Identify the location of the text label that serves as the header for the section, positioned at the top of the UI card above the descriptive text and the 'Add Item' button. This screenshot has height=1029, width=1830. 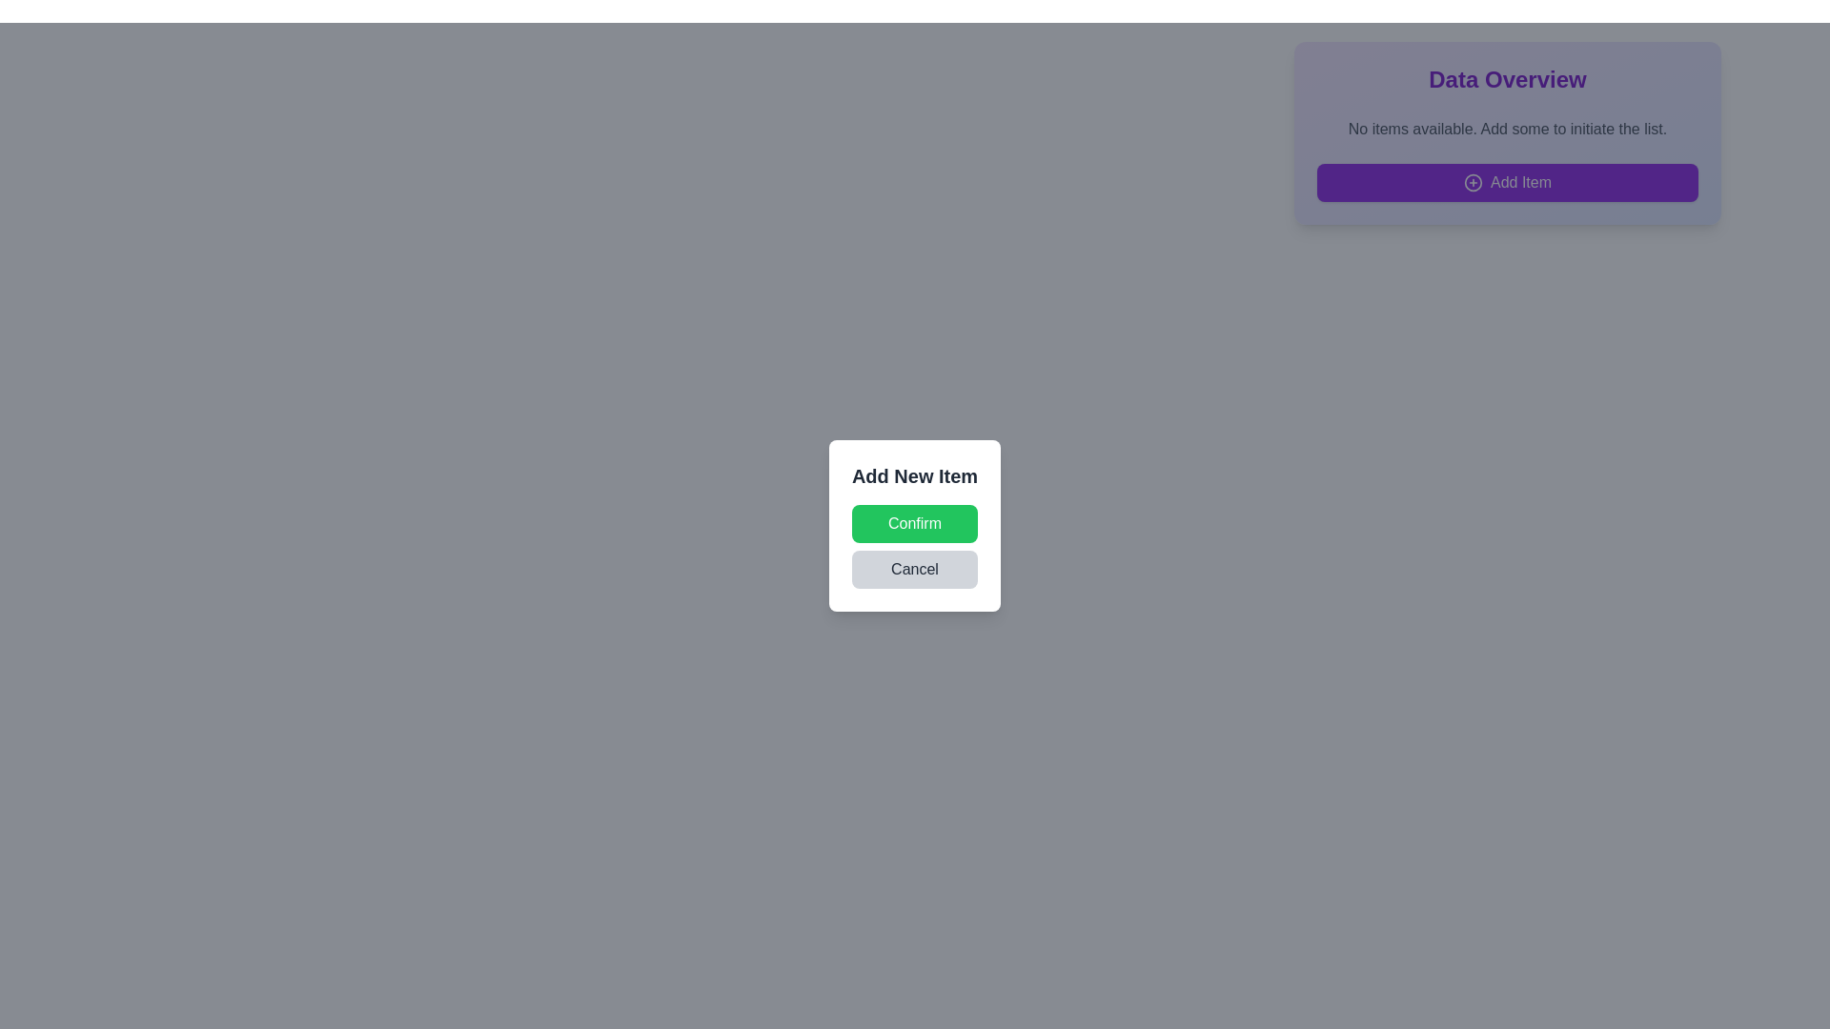
(1507, 79).